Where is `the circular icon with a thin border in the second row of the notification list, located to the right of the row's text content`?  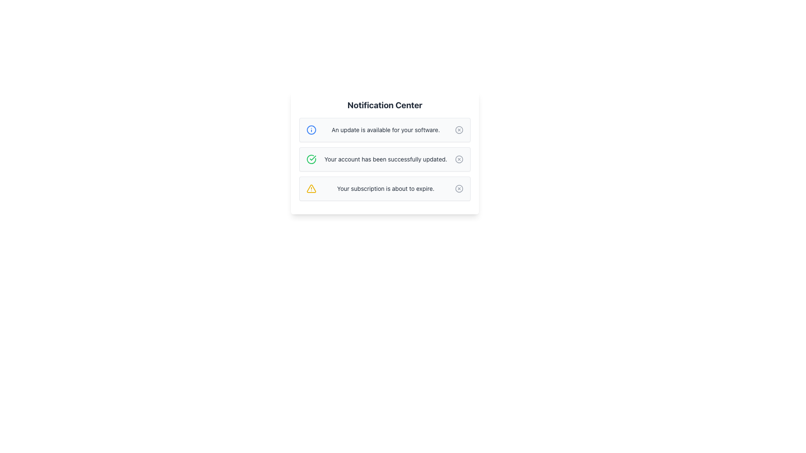 the circular icon with a thin border in the second row of the notification list, located to the right of the row's text content is located at coordinates (459, 159).